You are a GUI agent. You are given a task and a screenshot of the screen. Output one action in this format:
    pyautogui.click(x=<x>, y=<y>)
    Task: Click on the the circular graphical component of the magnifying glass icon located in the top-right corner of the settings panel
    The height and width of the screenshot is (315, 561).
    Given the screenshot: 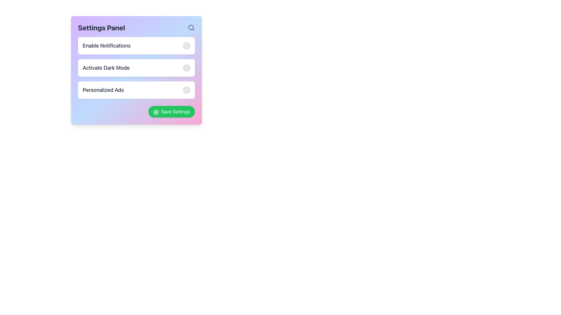 What is the action you would take?
    pyautogui.click(x=191, y=27)
    